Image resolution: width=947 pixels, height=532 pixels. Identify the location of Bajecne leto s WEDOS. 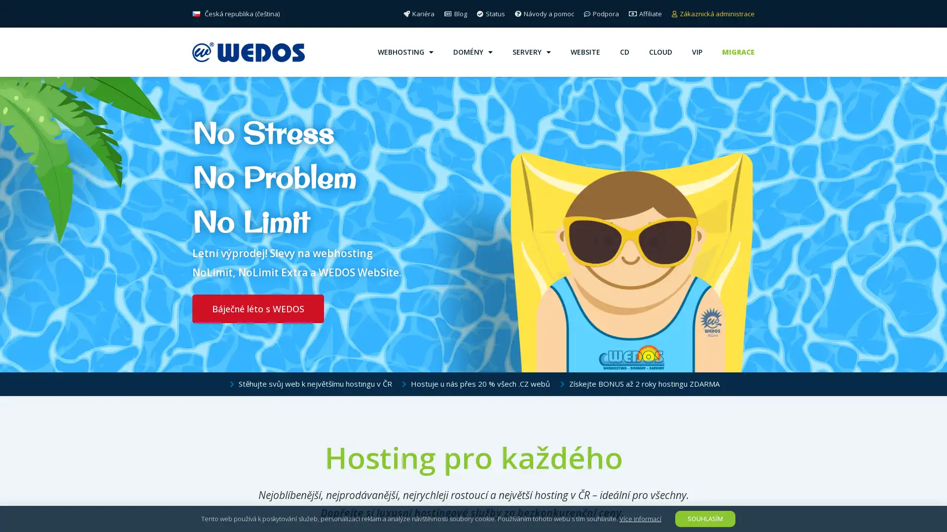
(258, 308).